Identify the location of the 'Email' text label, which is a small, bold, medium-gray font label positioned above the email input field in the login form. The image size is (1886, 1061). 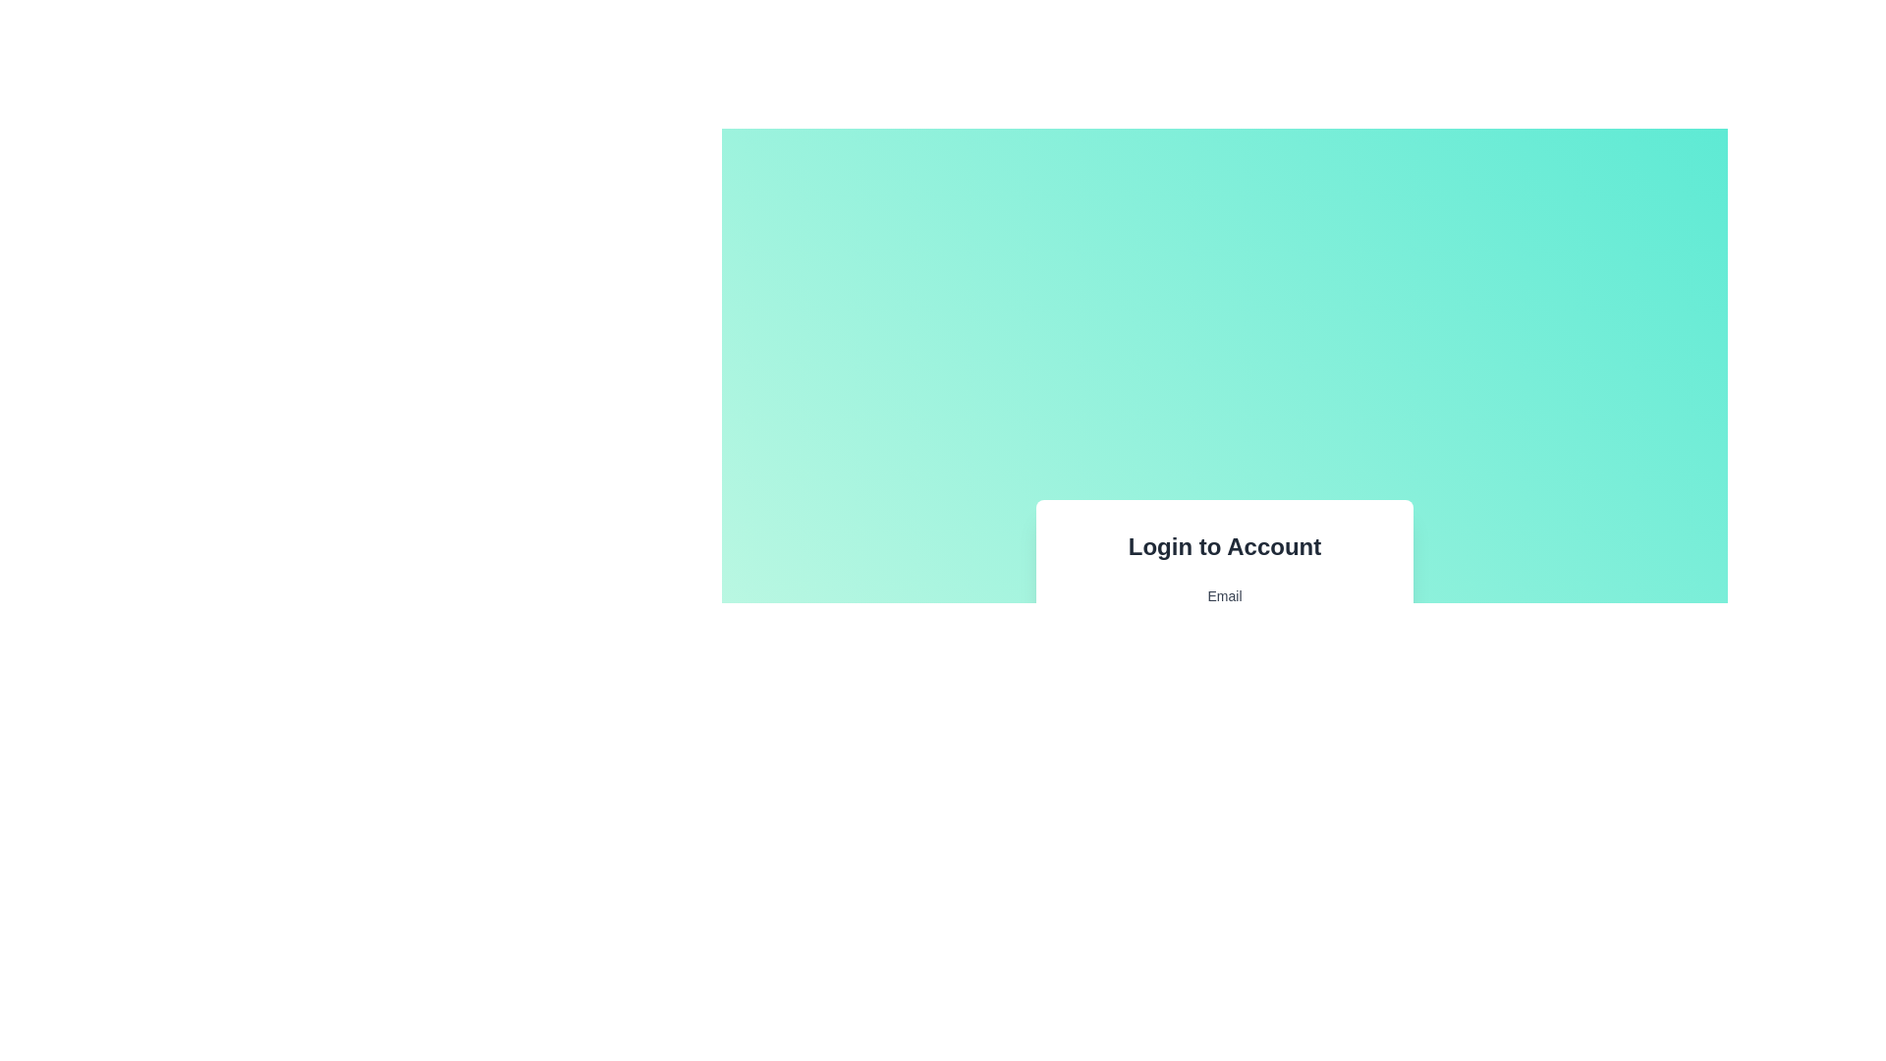
(1224, 594).